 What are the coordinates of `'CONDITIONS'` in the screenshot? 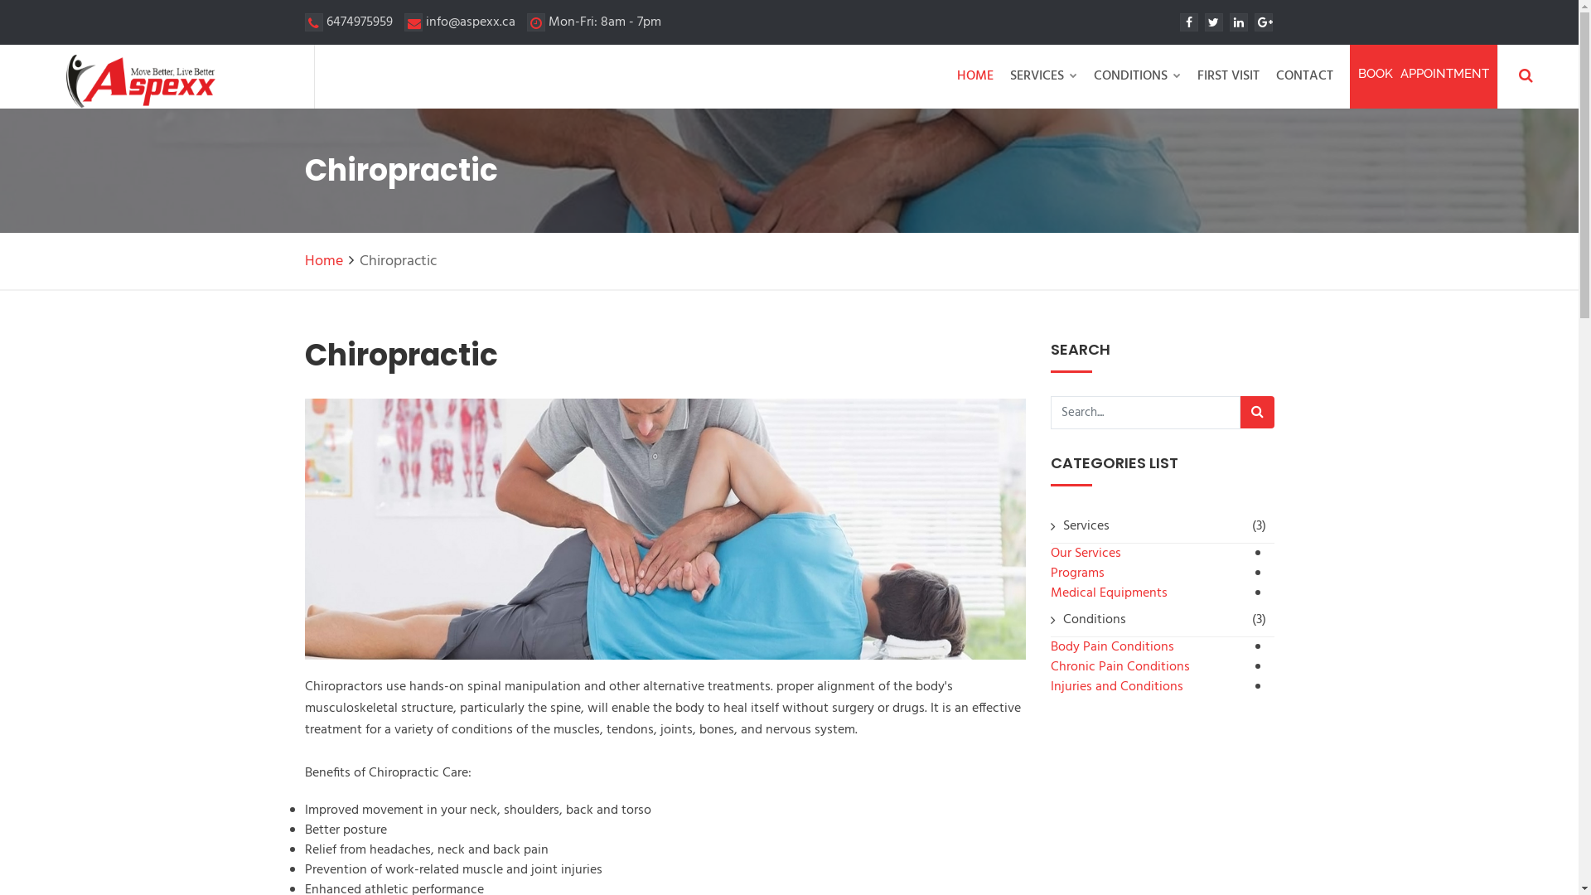 It's located at (1136, 76).